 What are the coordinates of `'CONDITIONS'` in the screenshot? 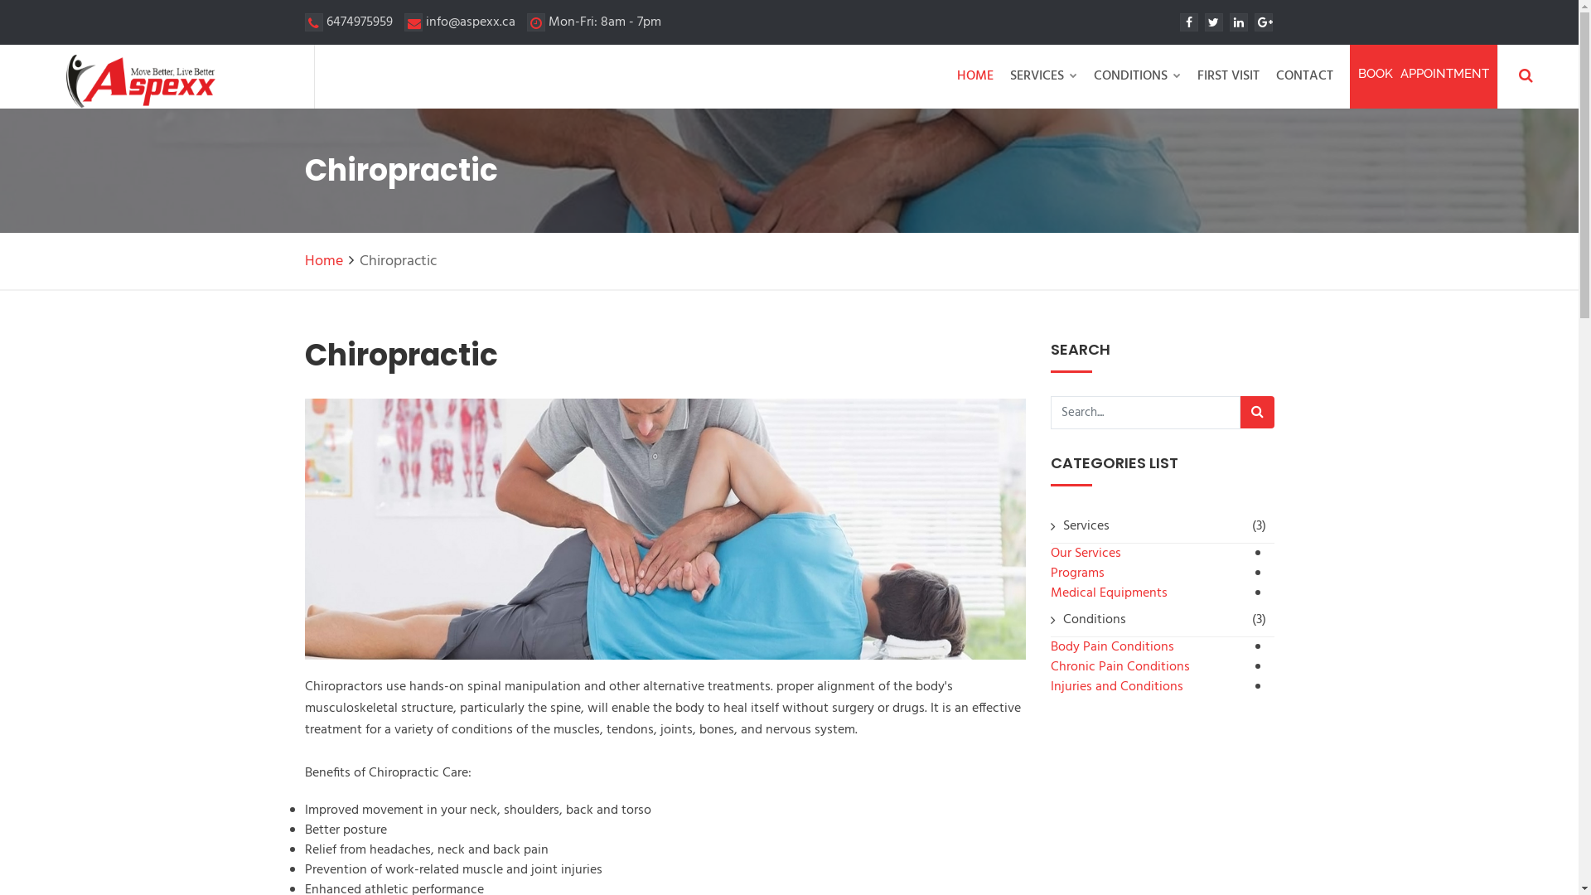 It's located at (1136, 76).